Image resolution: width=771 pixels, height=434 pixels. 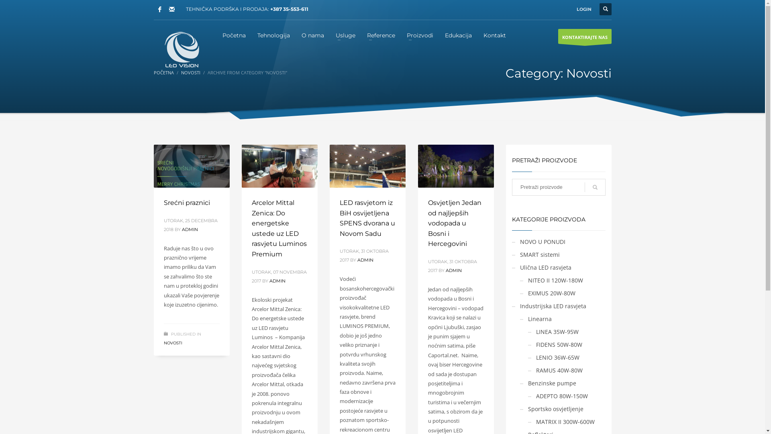 I want to click on 'KONTAKTIRAJTE NAS', so click(x=585, y=36).